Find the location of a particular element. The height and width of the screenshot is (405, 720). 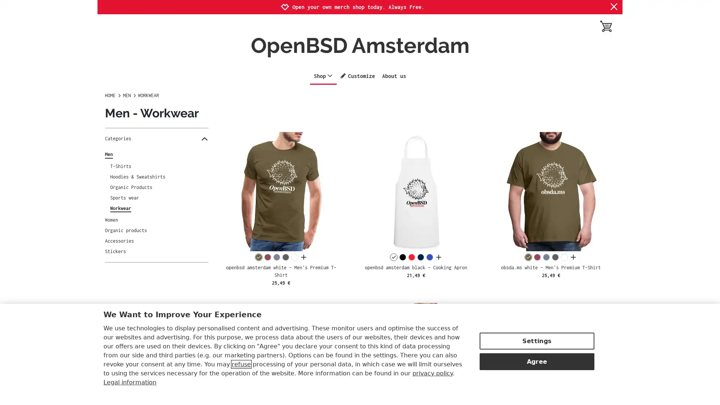

black is located at coordinates (402, 257).